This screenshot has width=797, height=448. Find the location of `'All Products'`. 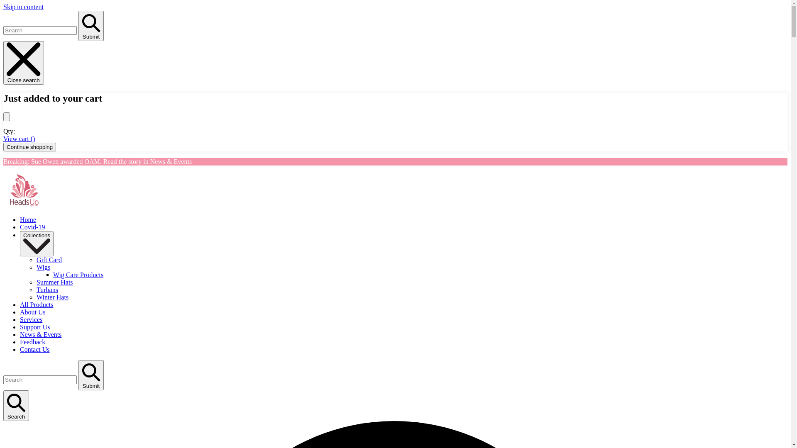

'All Products' is located at coordinates (36, 304).